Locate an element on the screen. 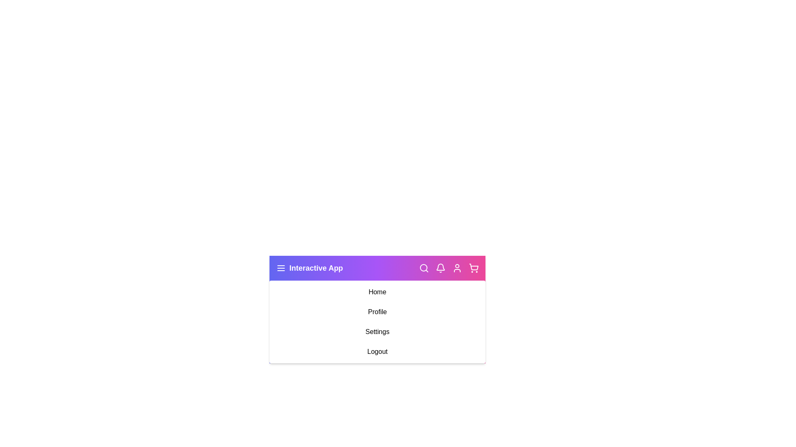  the shopping cart icon to view the cart contents is located at coordinates (473, 268).